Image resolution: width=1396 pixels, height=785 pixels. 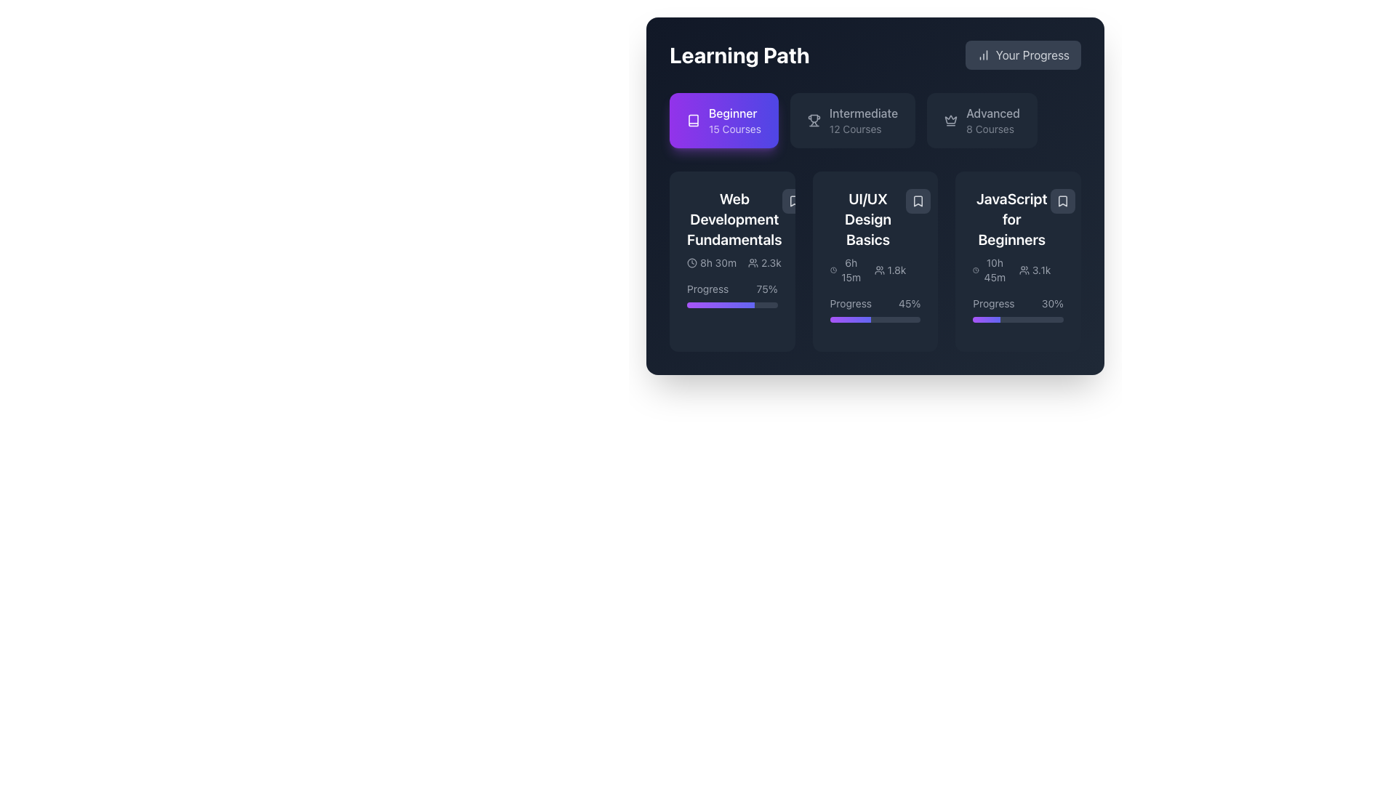 I want to click on the text label displaying '12 Courses', which is styled with a smaller font and a slightly transparent appearance, located below the 'Intermediate' label in the 'Intermediate' section, so click(x=864, y=128).